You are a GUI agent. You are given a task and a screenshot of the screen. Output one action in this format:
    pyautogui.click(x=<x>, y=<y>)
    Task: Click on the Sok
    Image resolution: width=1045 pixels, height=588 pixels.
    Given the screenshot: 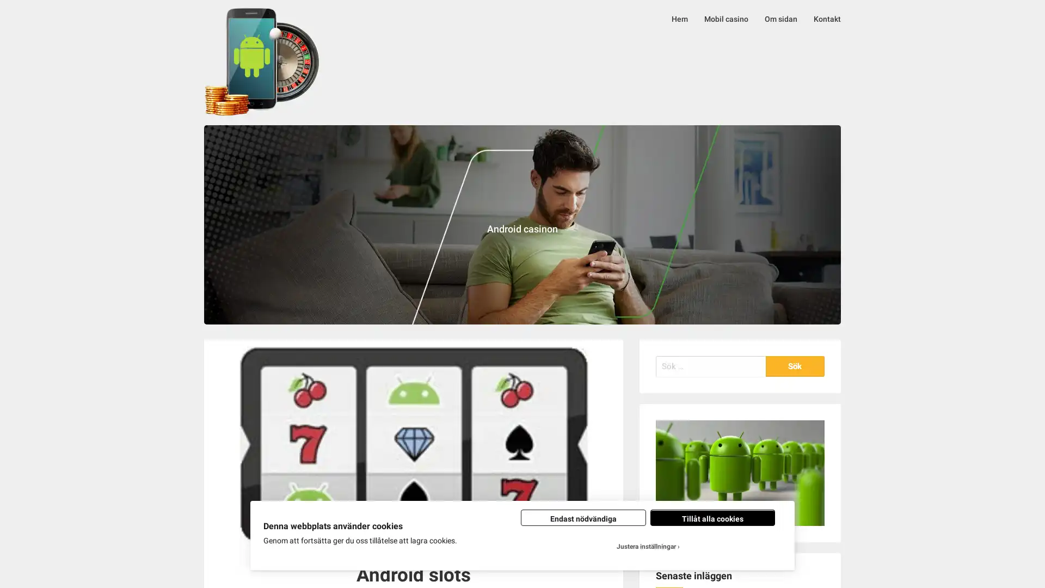 What is the action you would take?
    pyautogui.click(x=794, y=366)
    